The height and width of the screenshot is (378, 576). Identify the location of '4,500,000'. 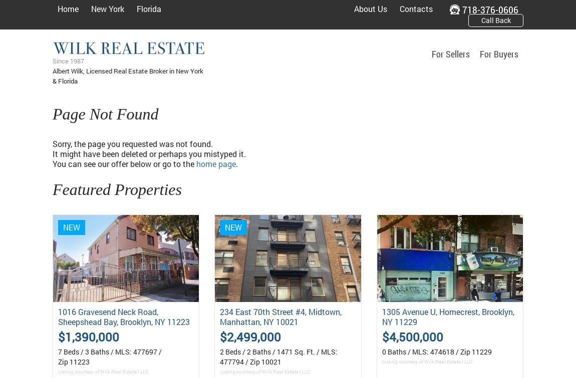
(415, 336).